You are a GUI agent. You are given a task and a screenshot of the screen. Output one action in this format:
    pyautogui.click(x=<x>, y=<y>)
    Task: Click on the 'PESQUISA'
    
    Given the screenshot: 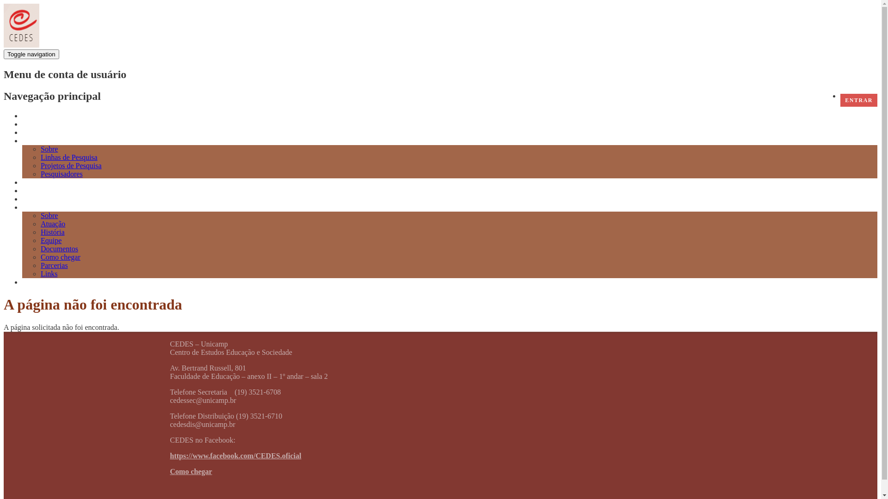 What is the action you would take?
    pyautogui.click(x=39, y=141)
    